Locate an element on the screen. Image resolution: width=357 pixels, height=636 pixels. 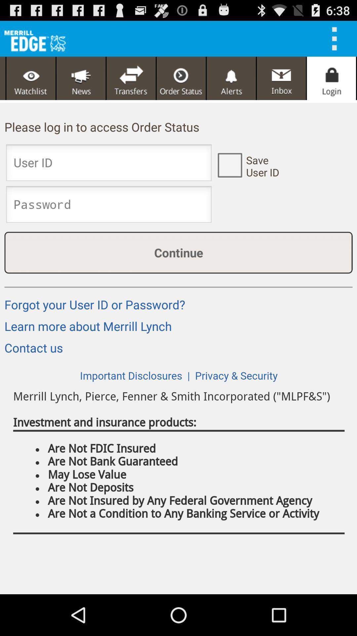
open inbox is located at coordinates (281, 78).